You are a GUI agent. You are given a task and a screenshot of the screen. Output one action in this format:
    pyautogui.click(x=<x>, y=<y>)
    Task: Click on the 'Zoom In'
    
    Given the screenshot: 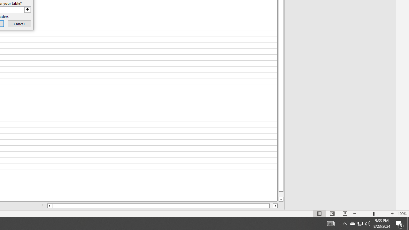 What is the action you would take?
    pyautogui.click(x=392, y=214)
    